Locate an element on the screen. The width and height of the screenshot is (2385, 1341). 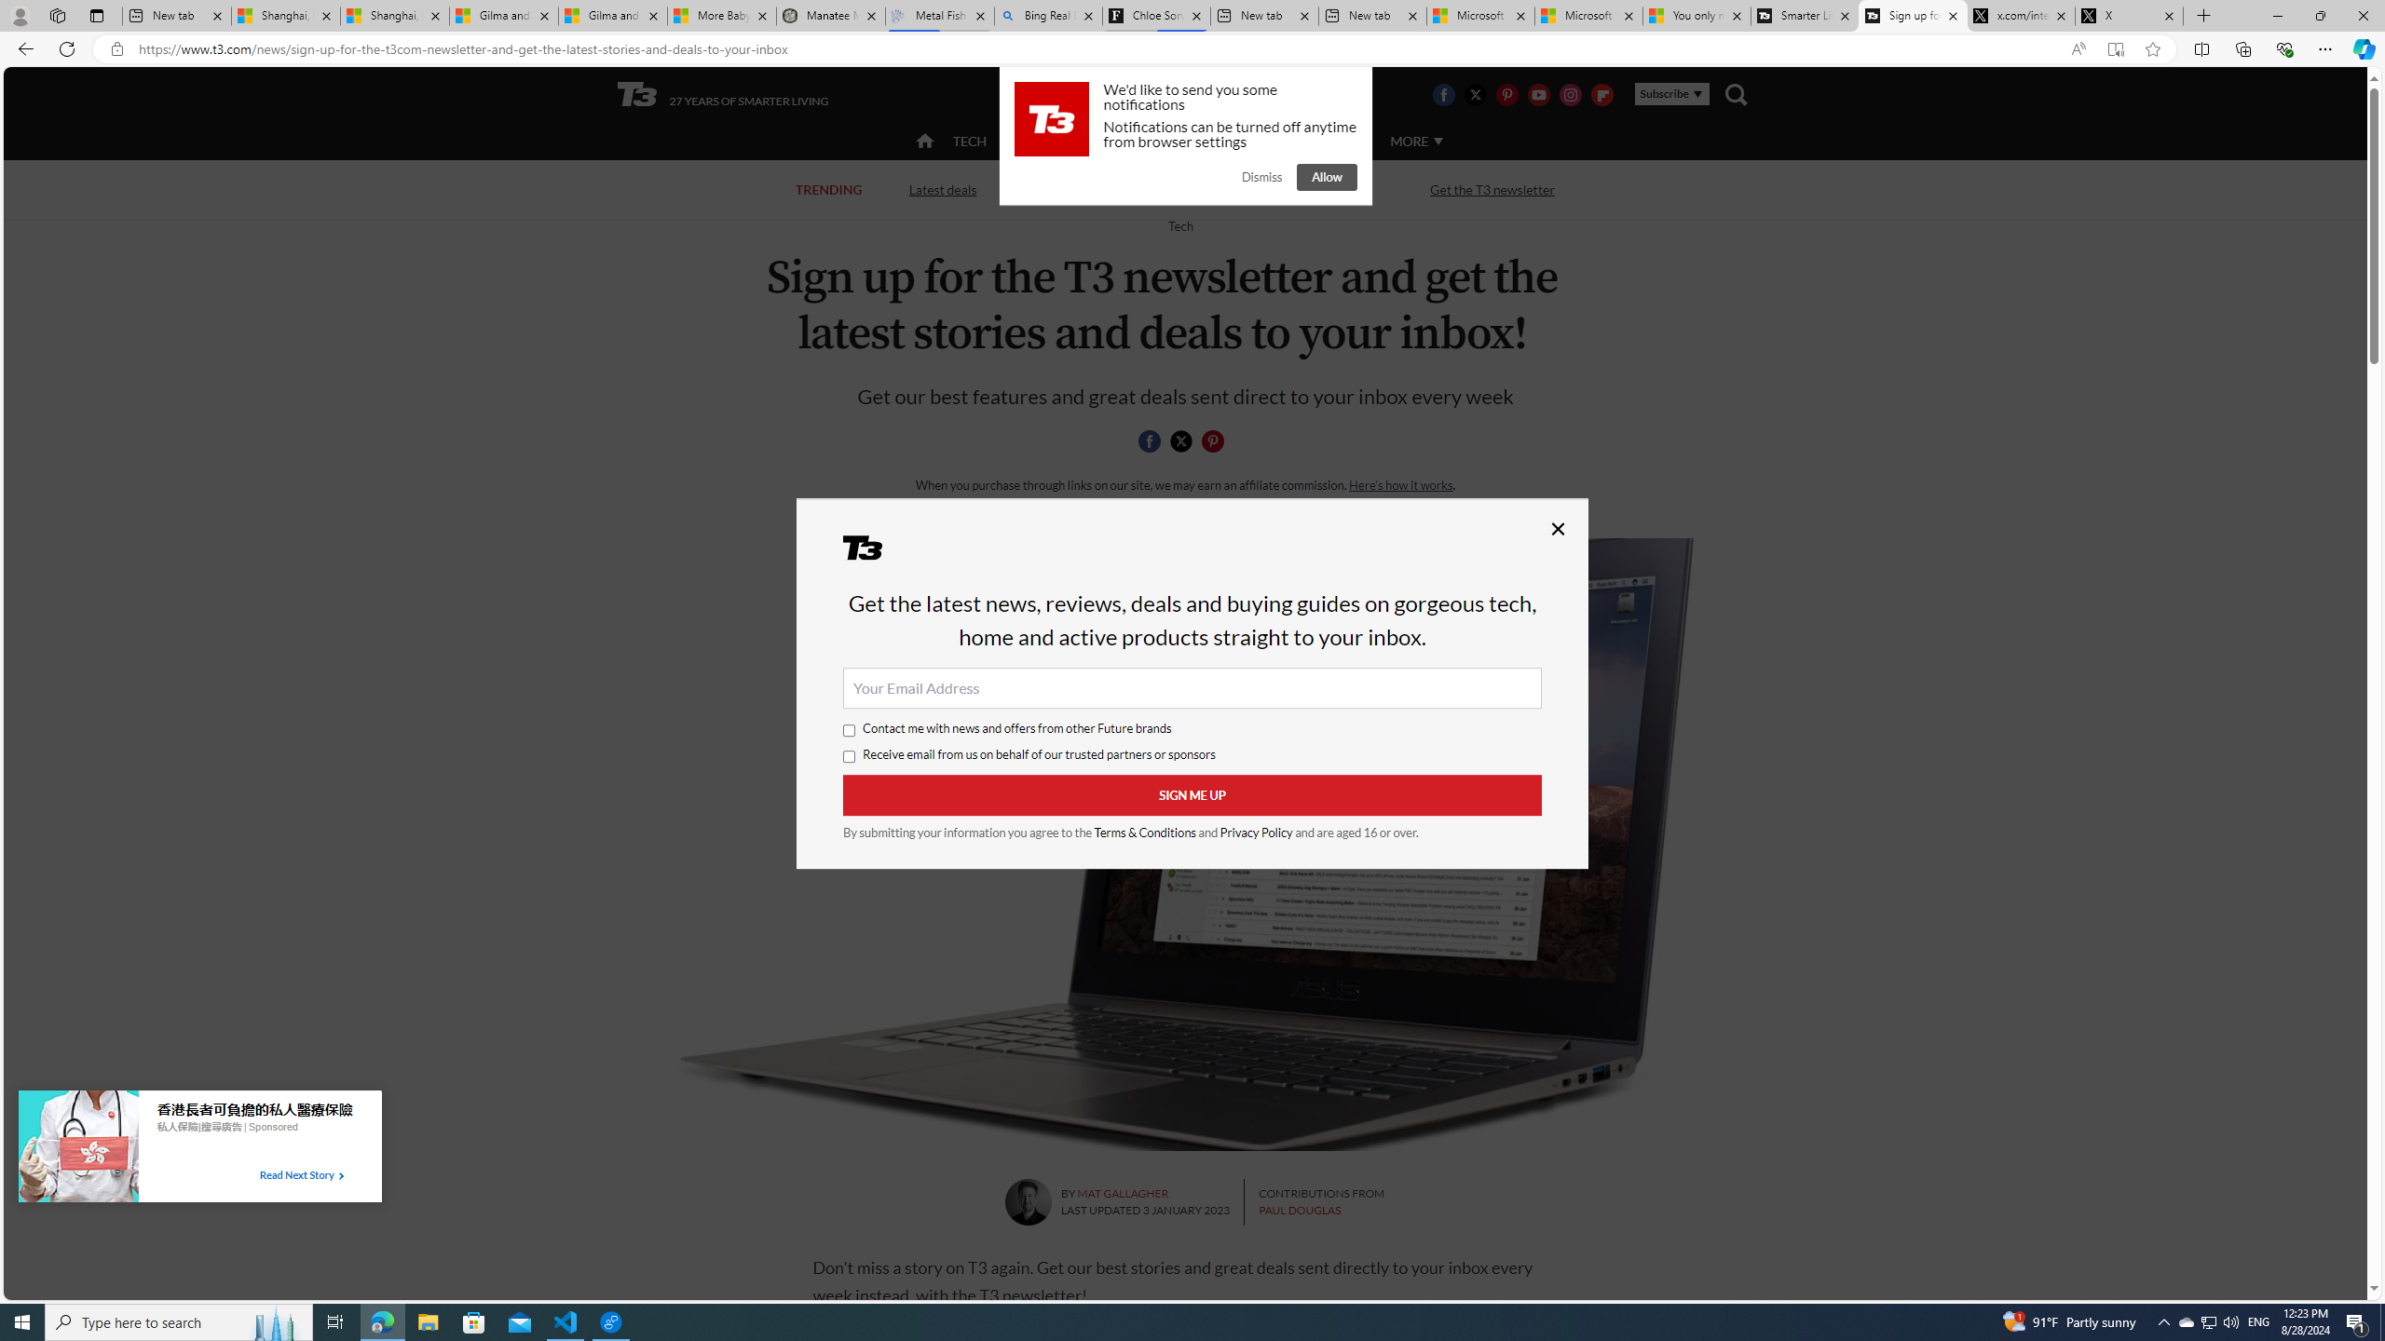
'Class: navigation__search' is located at coordinates (1735, 93).